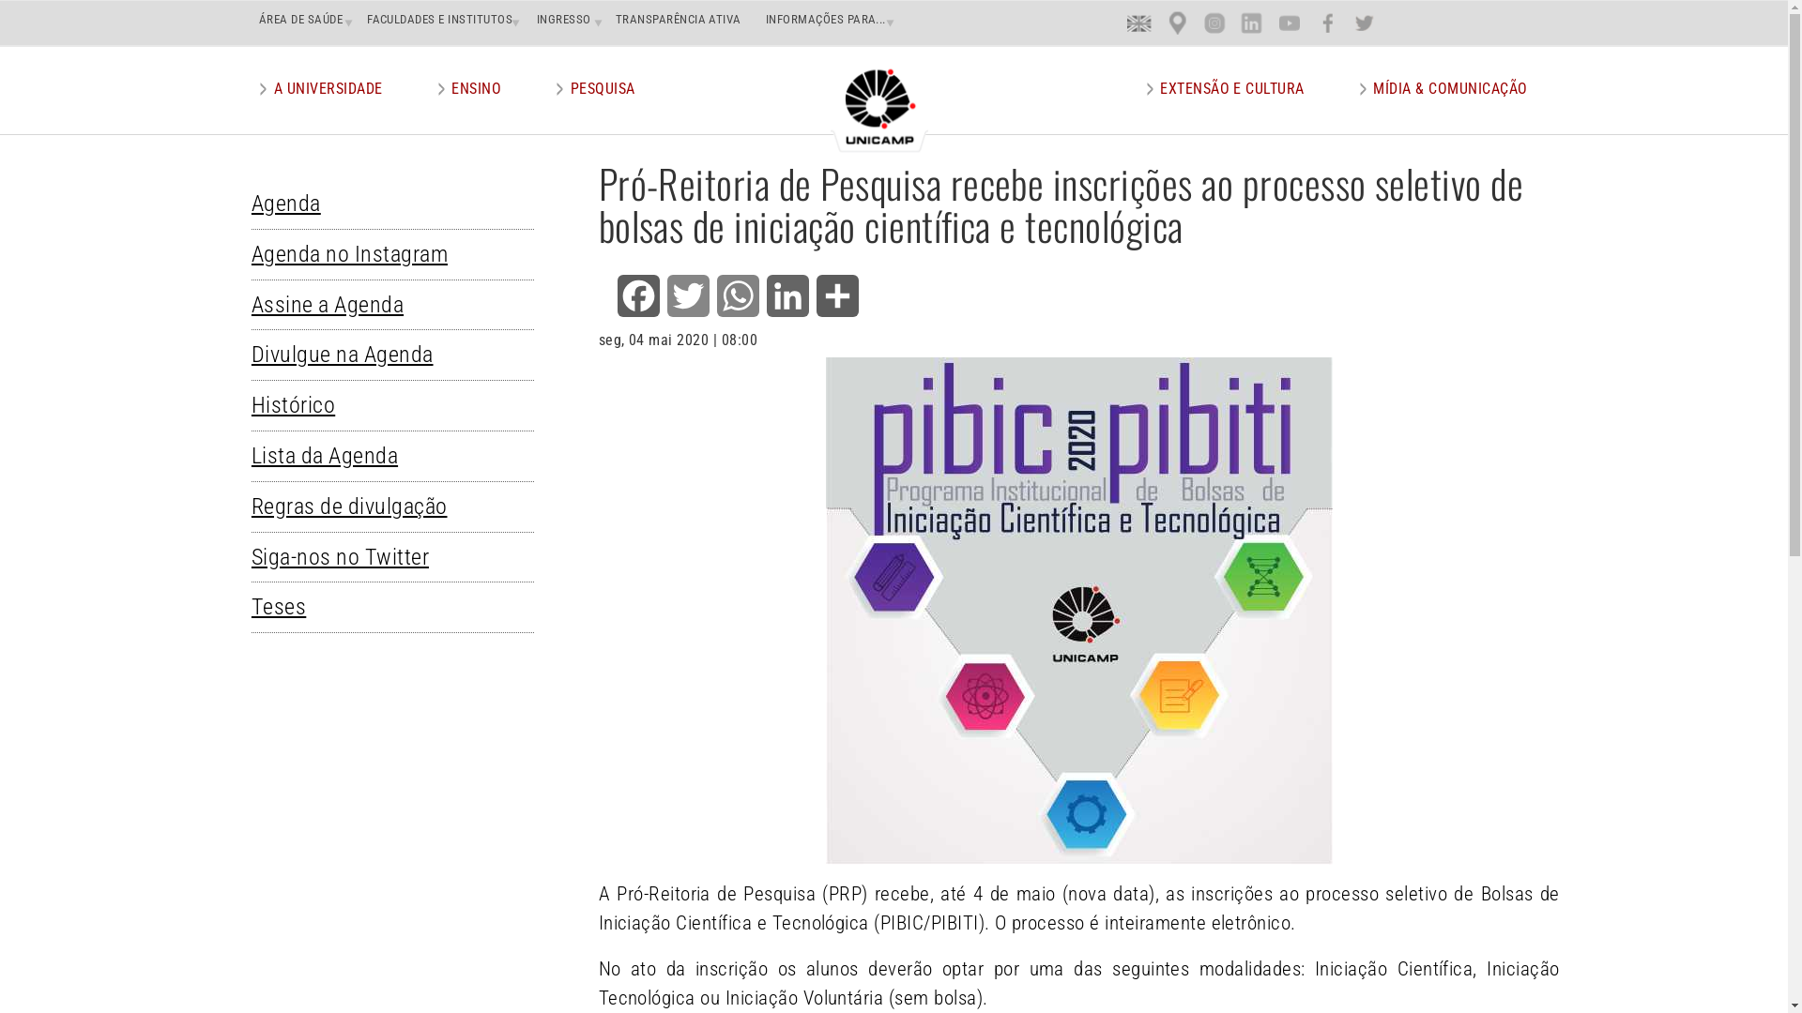 The width and height of the screenshot is (1802, 1013). Describe the element at coordinates (251, 456) in the screenshot. I see `'Lista da Agenda'` at that location.